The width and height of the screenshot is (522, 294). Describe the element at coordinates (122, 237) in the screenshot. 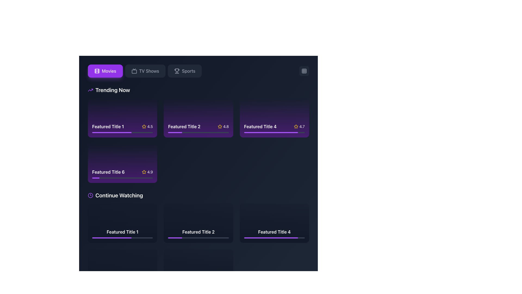

I see `the Progress Bar located beneath the 'Featured Title 1' label in the 'Continue Watching' section of the lower part of the interface` at that location.